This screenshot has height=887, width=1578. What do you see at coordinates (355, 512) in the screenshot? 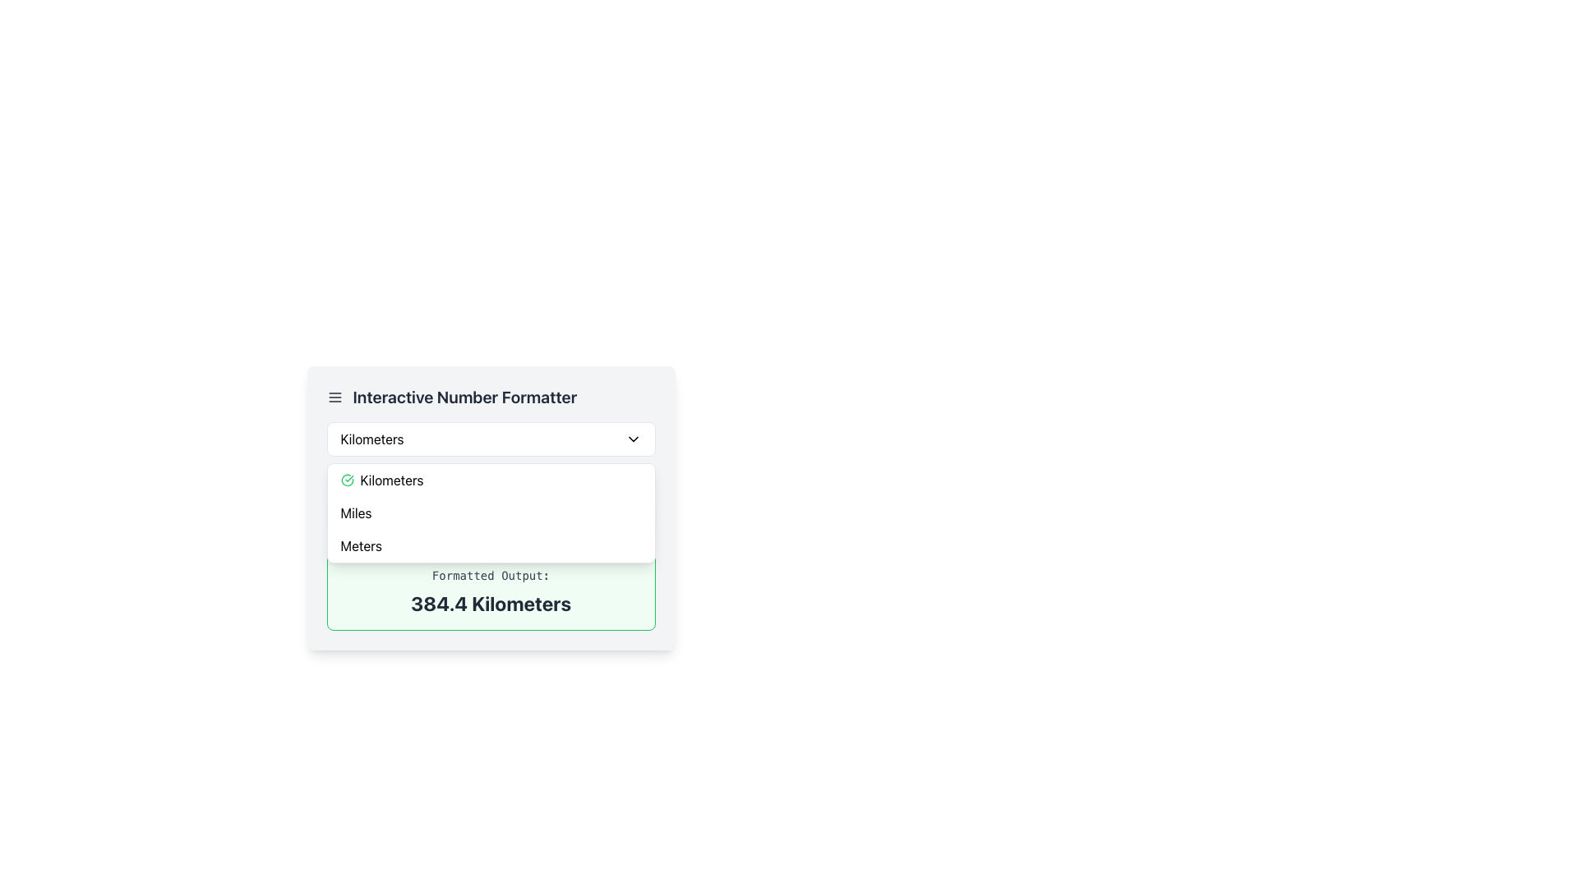
I see `the 'Miles' option in the dropdown menu, which is the second selectable option located between 'Kilometers' and 'Meters'` at bounding box center [355, 512].